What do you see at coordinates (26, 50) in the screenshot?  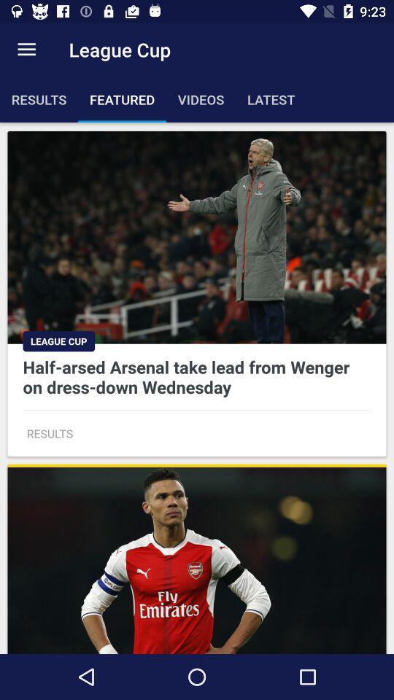 I see `the icon above results icon` at bounding box center [26, 50].